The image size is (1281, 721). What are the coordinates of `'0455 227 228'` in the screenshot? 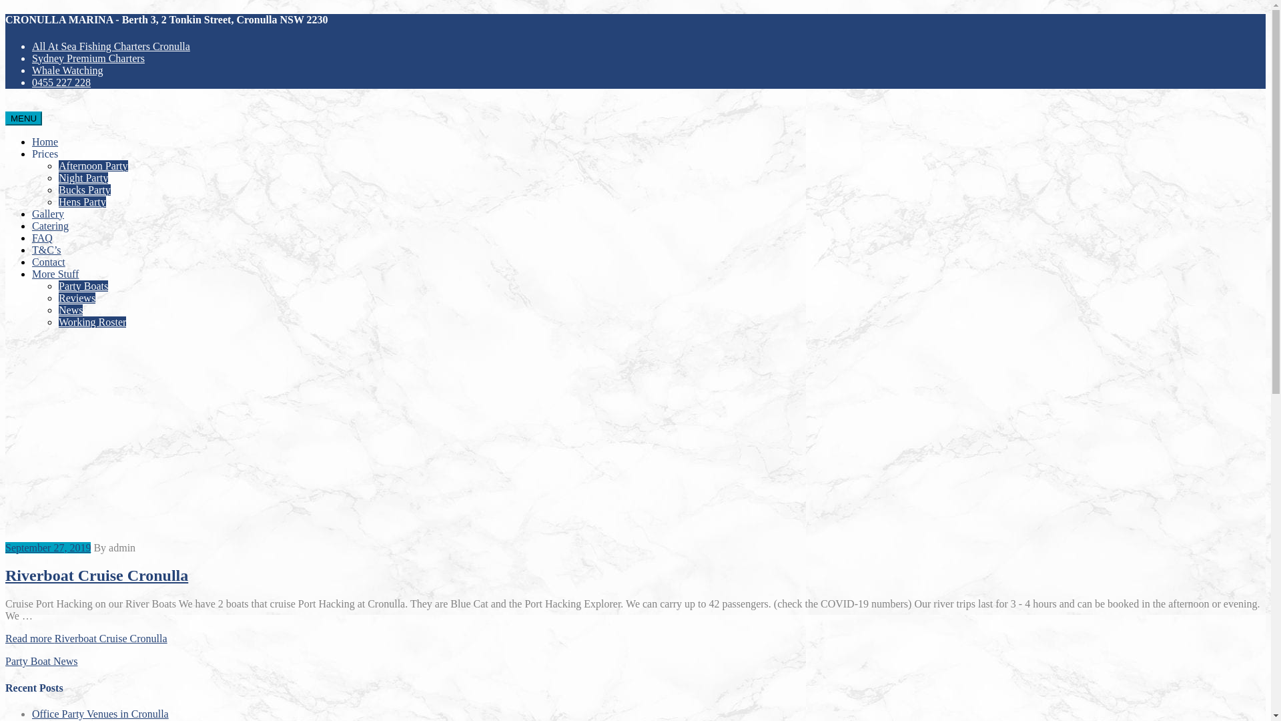 It's located at (60, 82).